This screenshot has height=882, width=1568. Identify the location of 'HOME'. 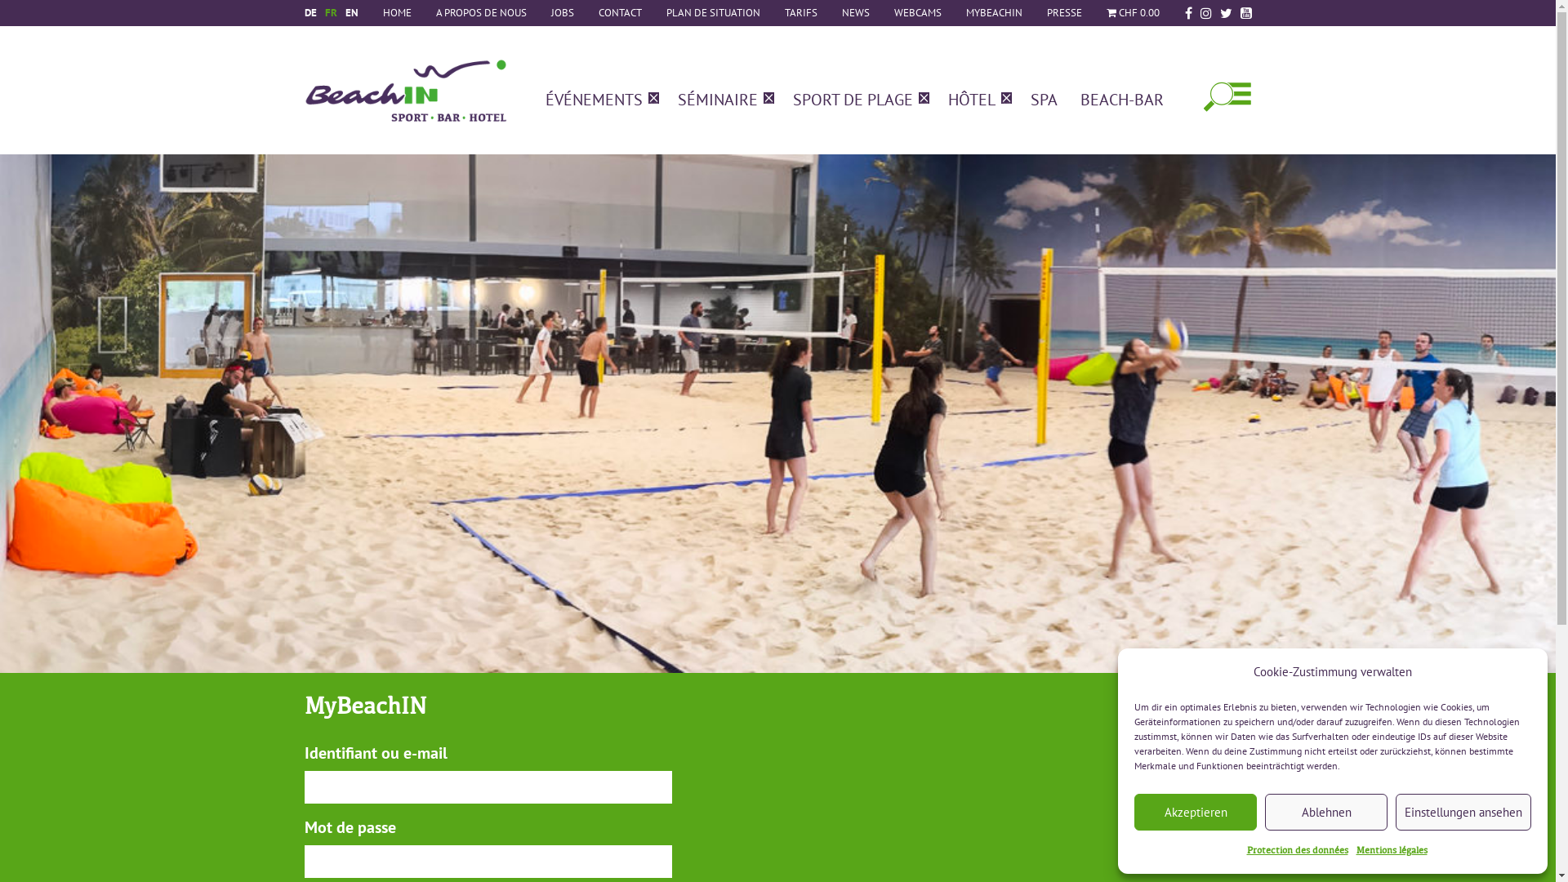
(397, 12).